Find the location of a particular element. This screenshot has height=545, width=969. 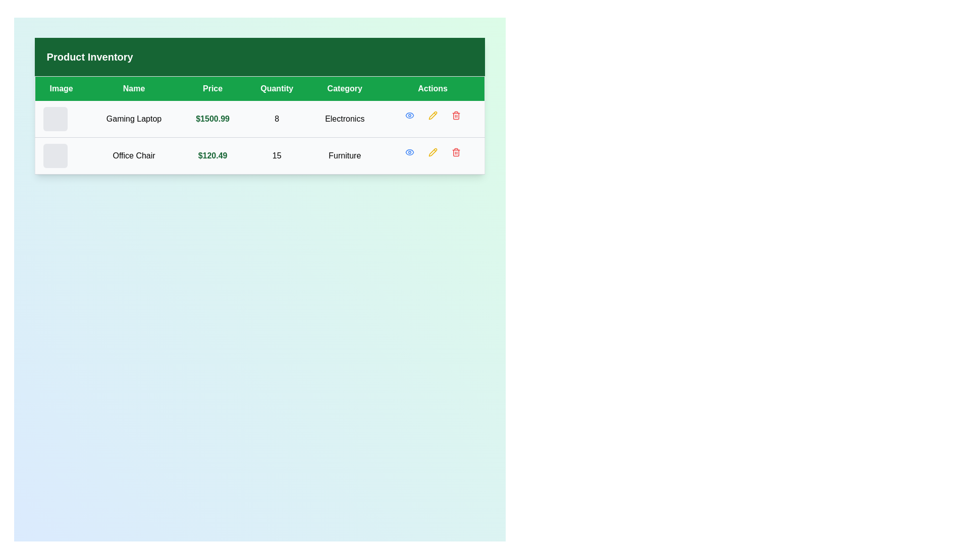

the yellow pencil icon button located in the 'Actions' column of the second row of the product inventory table next to 'Office Chair' is located at coordinates (433, 152).